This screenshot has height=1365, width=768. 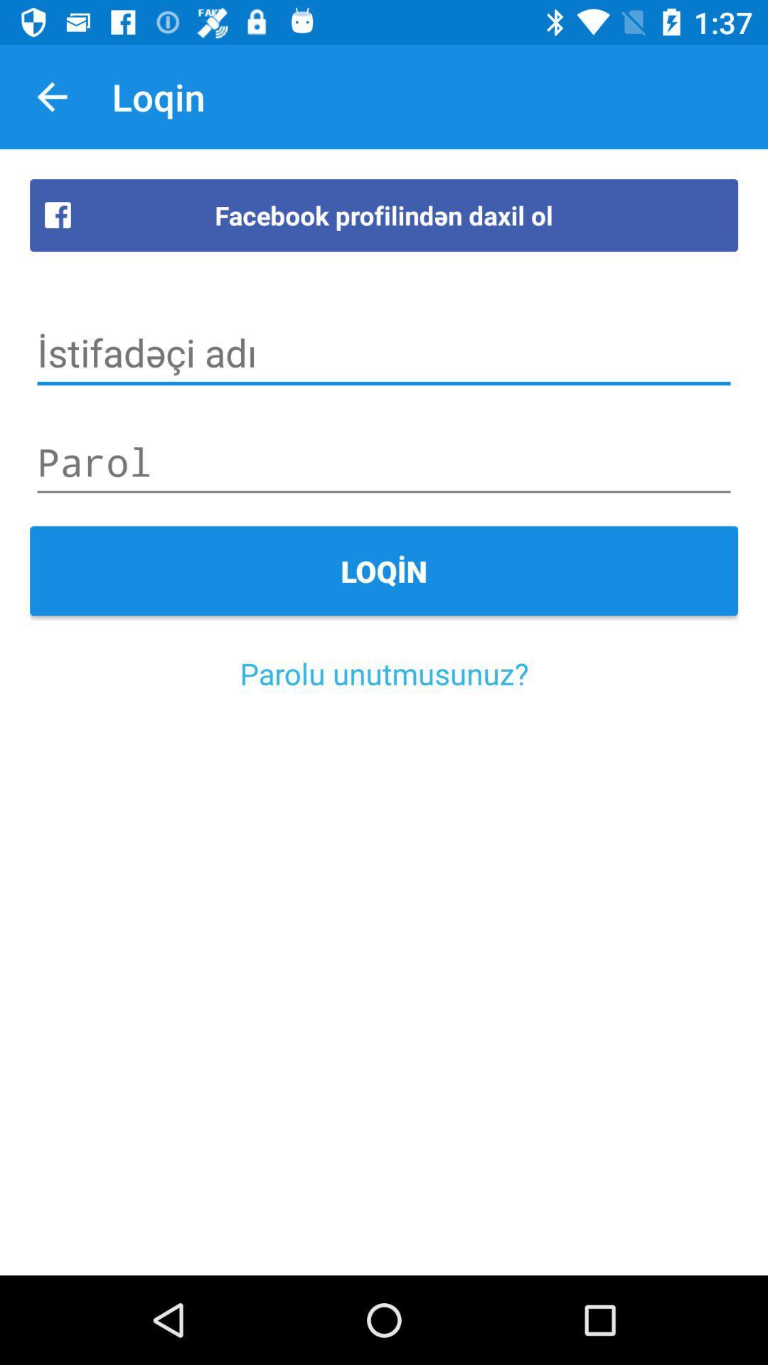 What do you see at coordinates (384, 673) in the screenshot?
I see `the item below the loqin item` at bounding box center [384, 673].